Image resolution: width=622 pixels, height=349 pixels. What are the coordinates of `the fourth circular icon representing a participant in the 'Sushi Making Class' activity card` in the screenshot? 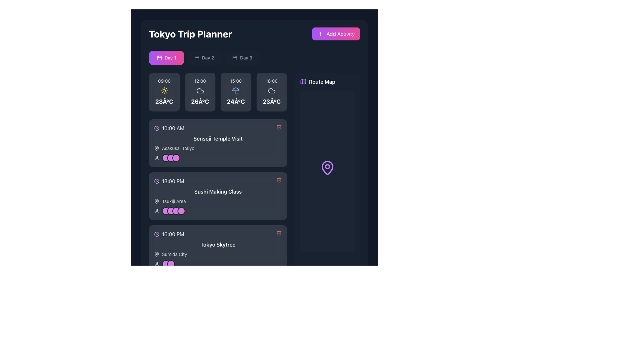 It's located at (181, 211).